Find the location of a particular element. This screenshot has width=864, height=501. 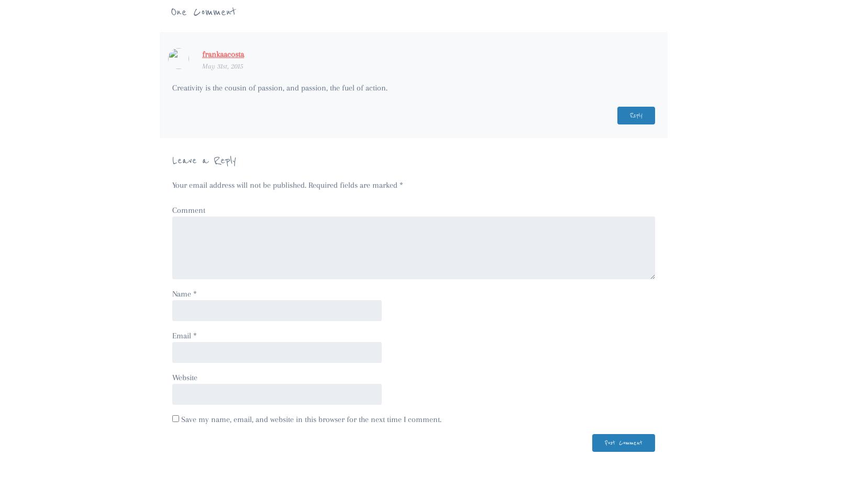

'Reply' is located at coordinates (630, 115).